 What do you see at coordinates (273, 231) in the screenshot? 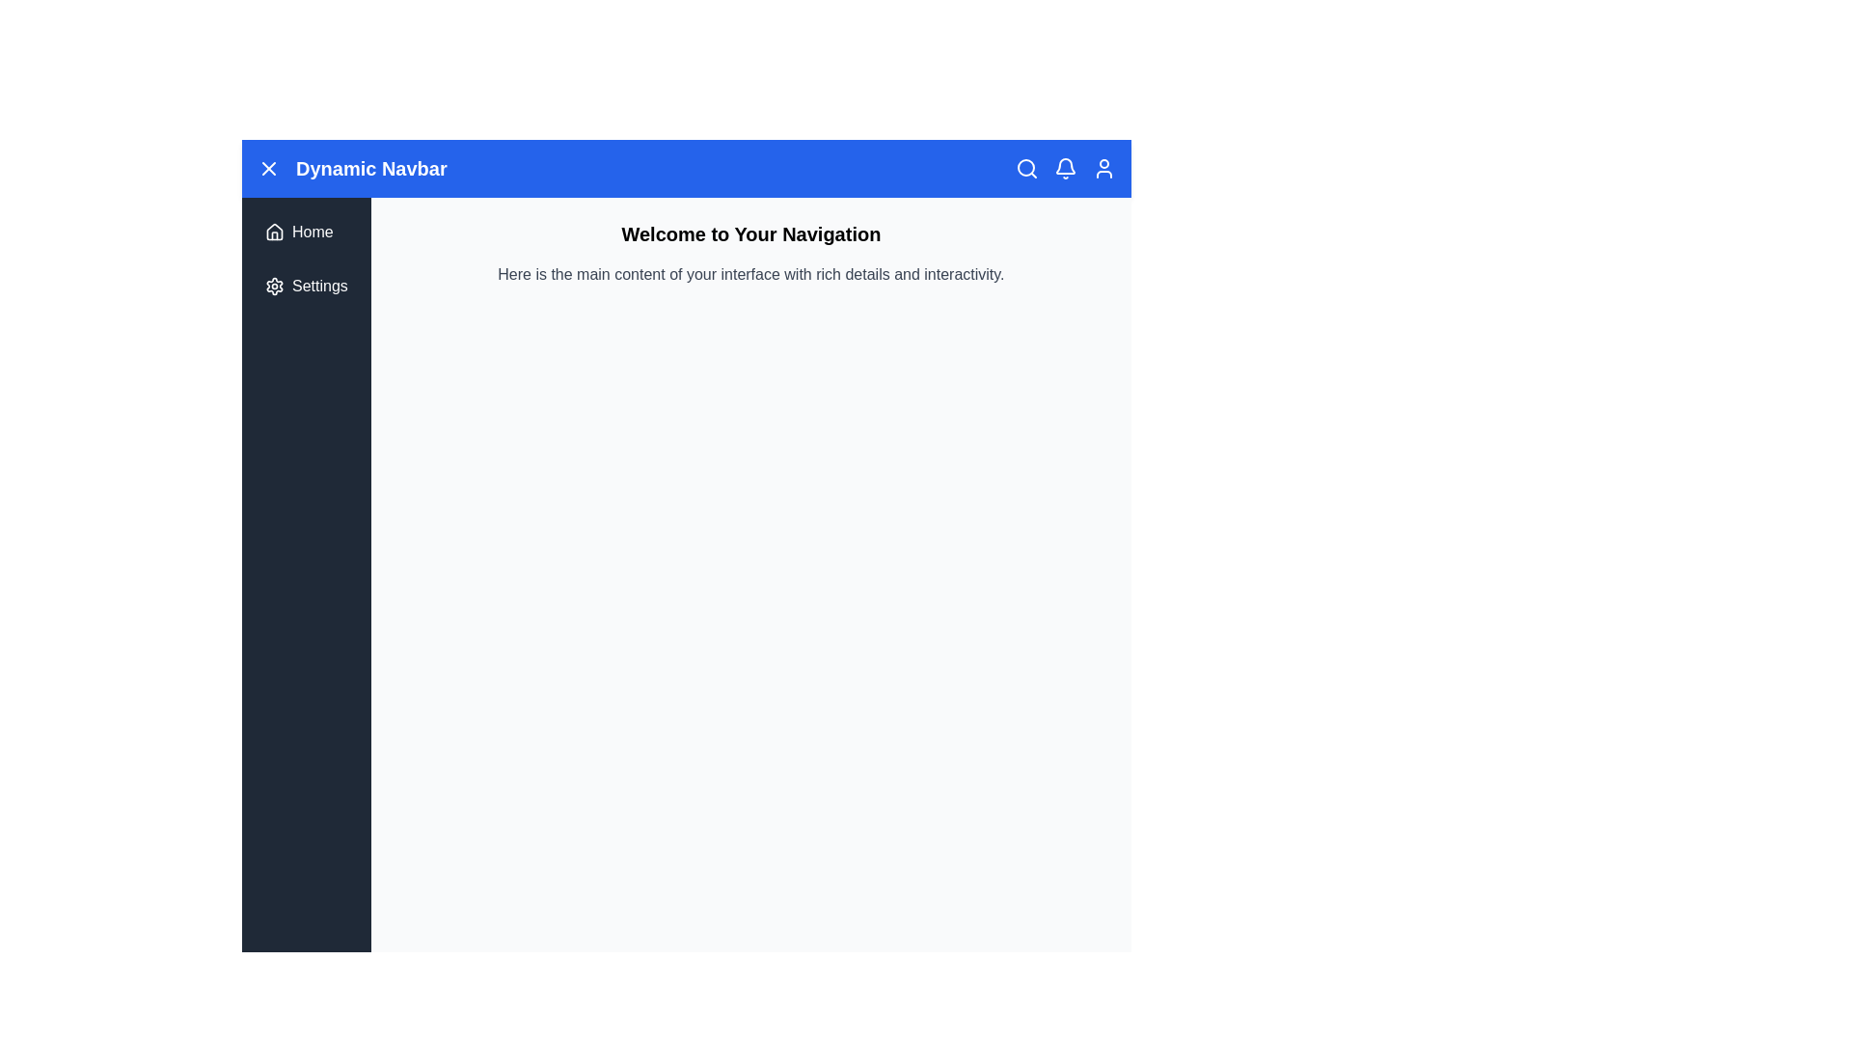
I see `the 'Home' icon in the sidebar` at bounding box center [273, 231].